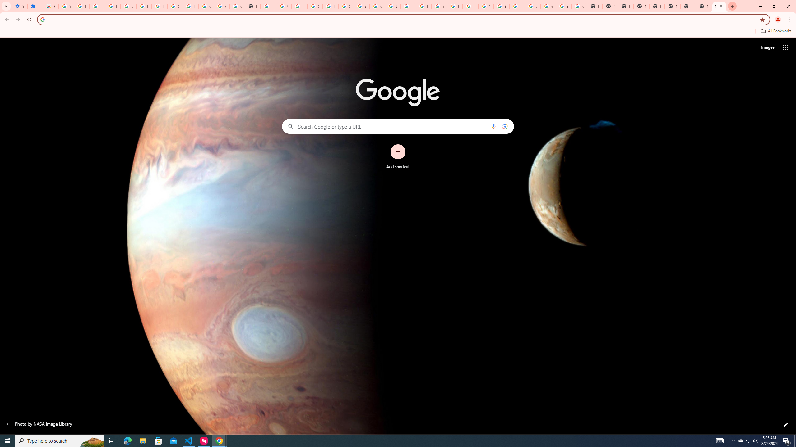 The height and width of the screenshot is (447, 796). What do you see at coordinates (789, 19) in the screenshot?
I see `'Chrome'` at bounding box center [789, 19].